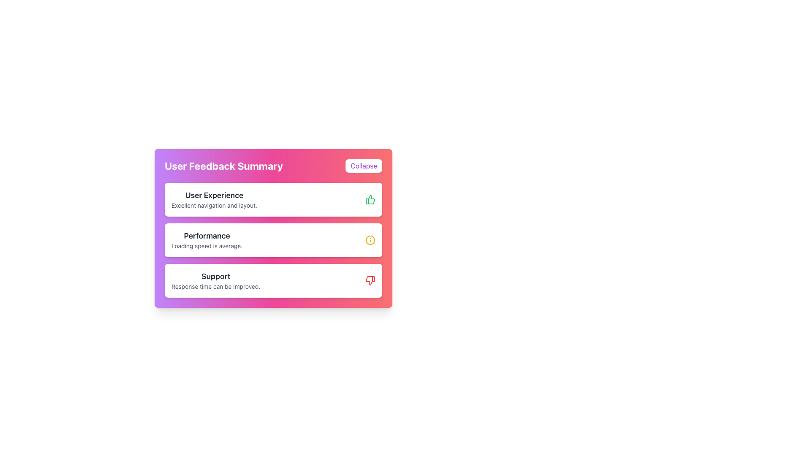  Describe the element at coordinates (370, 240) in the screenshot. I see `the information icon located in the second row of the user feedback summary section, to the right of the text 'Loading speed is average.'` at that location.